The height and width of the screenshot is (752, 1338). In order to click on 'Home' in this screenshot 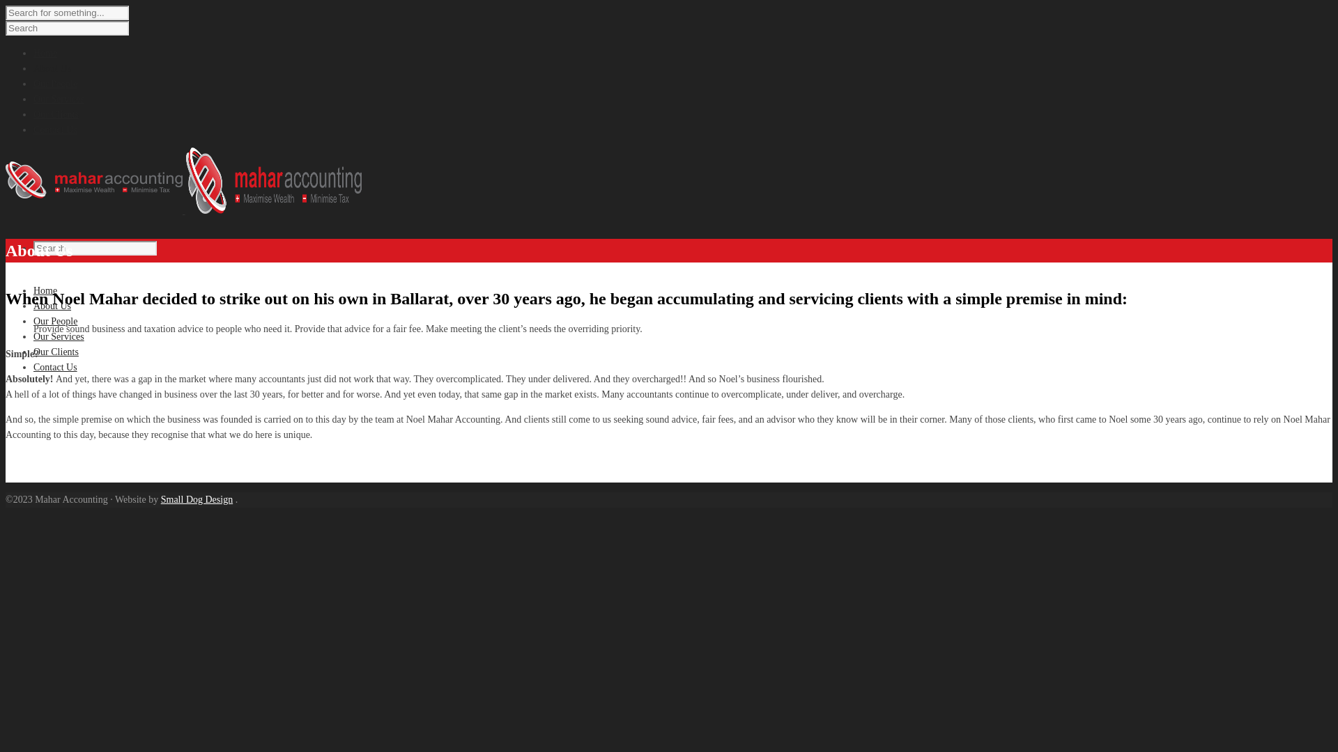, I will do `click(45, 290)`.